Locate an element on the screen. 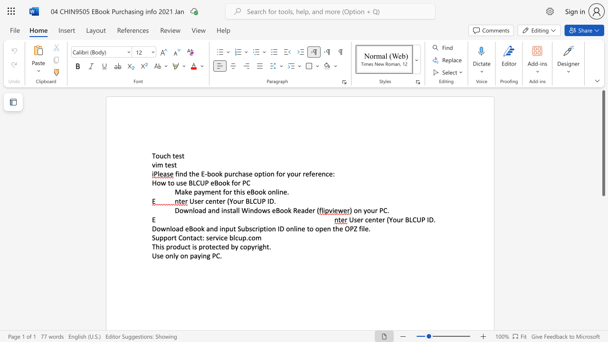 The width and height of the screenshot is (608, 342). the subset text "your refe" within the text "for your reference:" is located at coordinates (286, 174).